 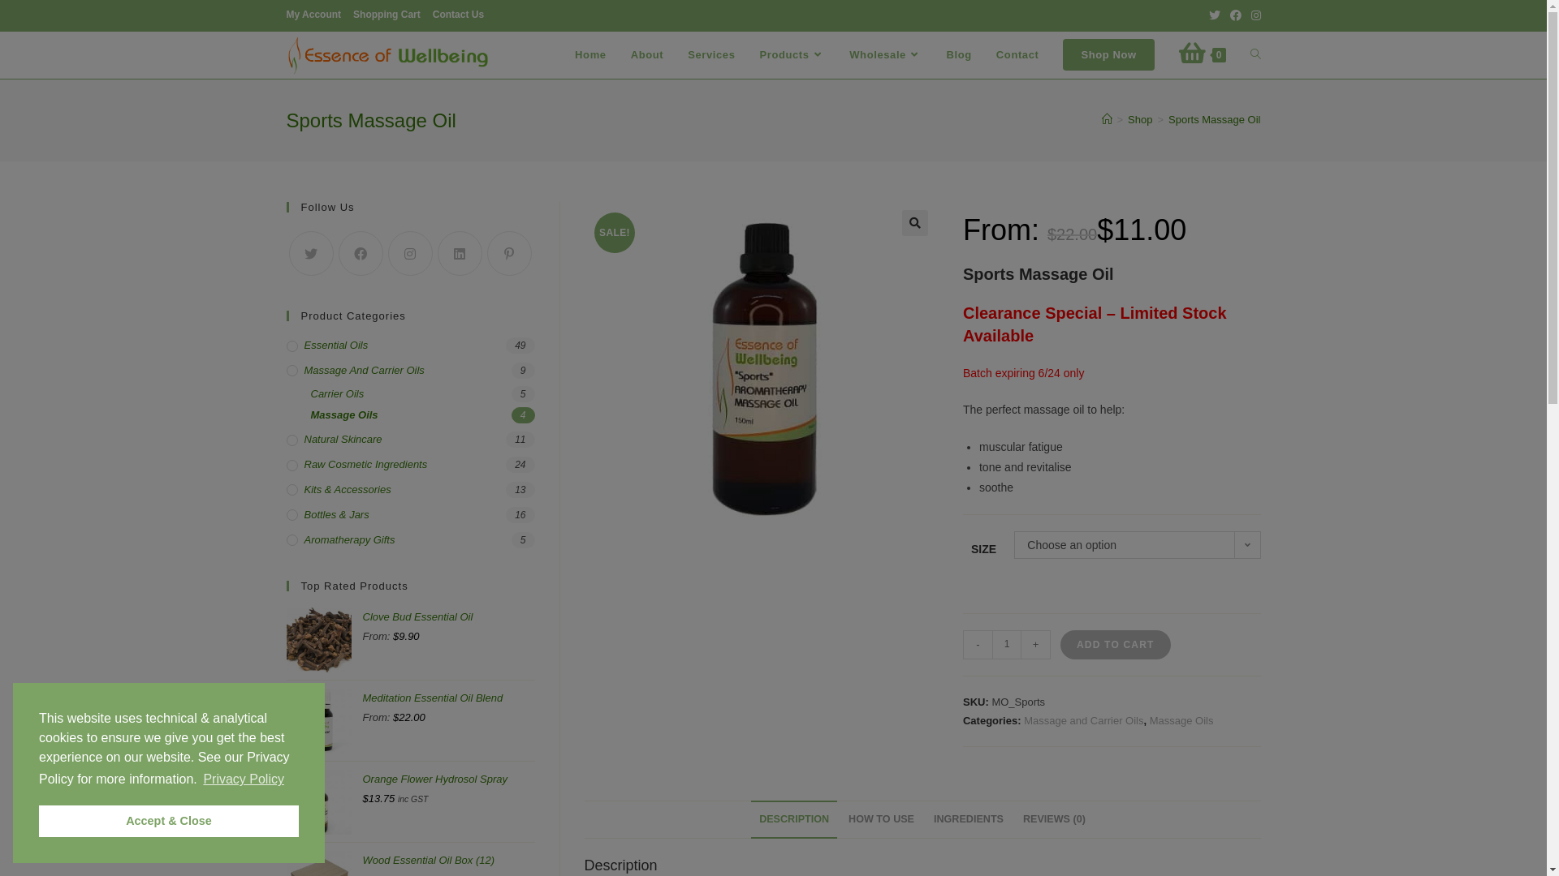 What do you see at coordinates (448, 788) in the screenshot?
I see `'Orange Flower Hydrosol Spray'` at bounding box center [448, 788].